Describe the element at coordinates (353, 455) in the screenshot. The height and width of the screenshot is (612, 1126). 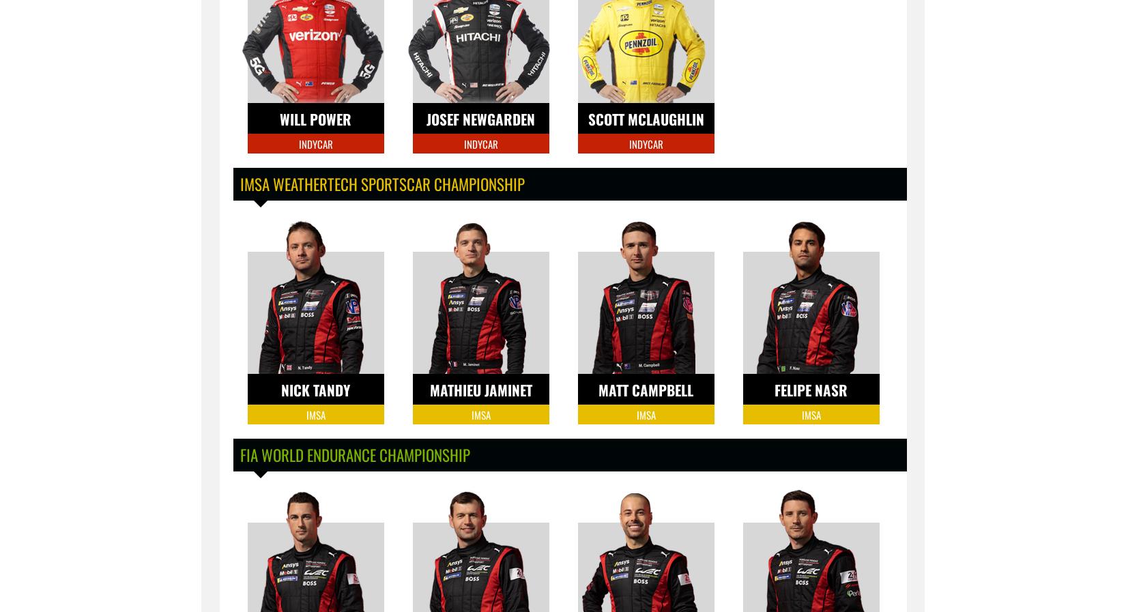
I see `'FIA World Endurance Championship'` at that location.